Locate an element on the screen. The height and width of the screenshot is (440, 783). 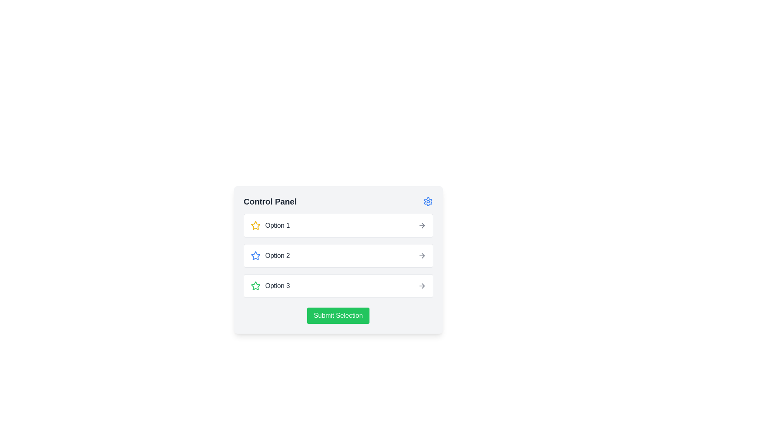
third text label with an accompanying icon in the selectable list, located beneath 'Option 2' and above the 'Submit Selection' button is located at coordinates (270, 286).